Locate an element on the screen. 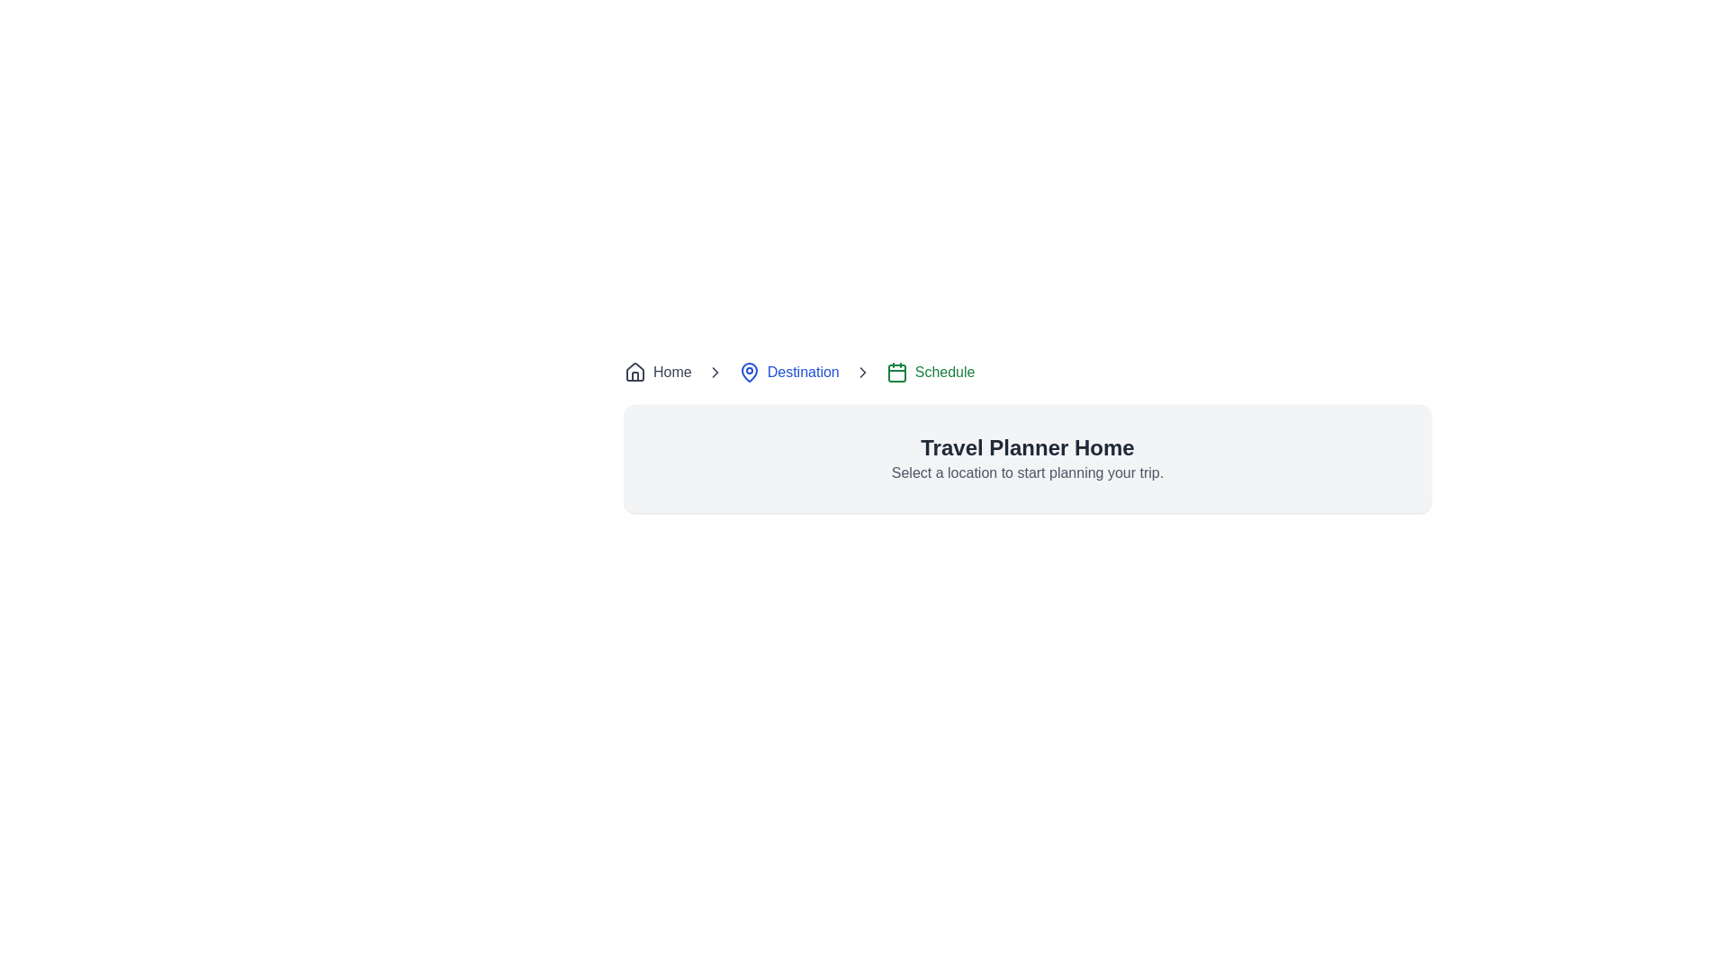 The height and width of the screenshot is (972, 1728). the 'Schedule' hyperlink which consists of a calendar icon and is styled in green, located in the breadcrumb navigation bar is located at coordinates (931, 371).